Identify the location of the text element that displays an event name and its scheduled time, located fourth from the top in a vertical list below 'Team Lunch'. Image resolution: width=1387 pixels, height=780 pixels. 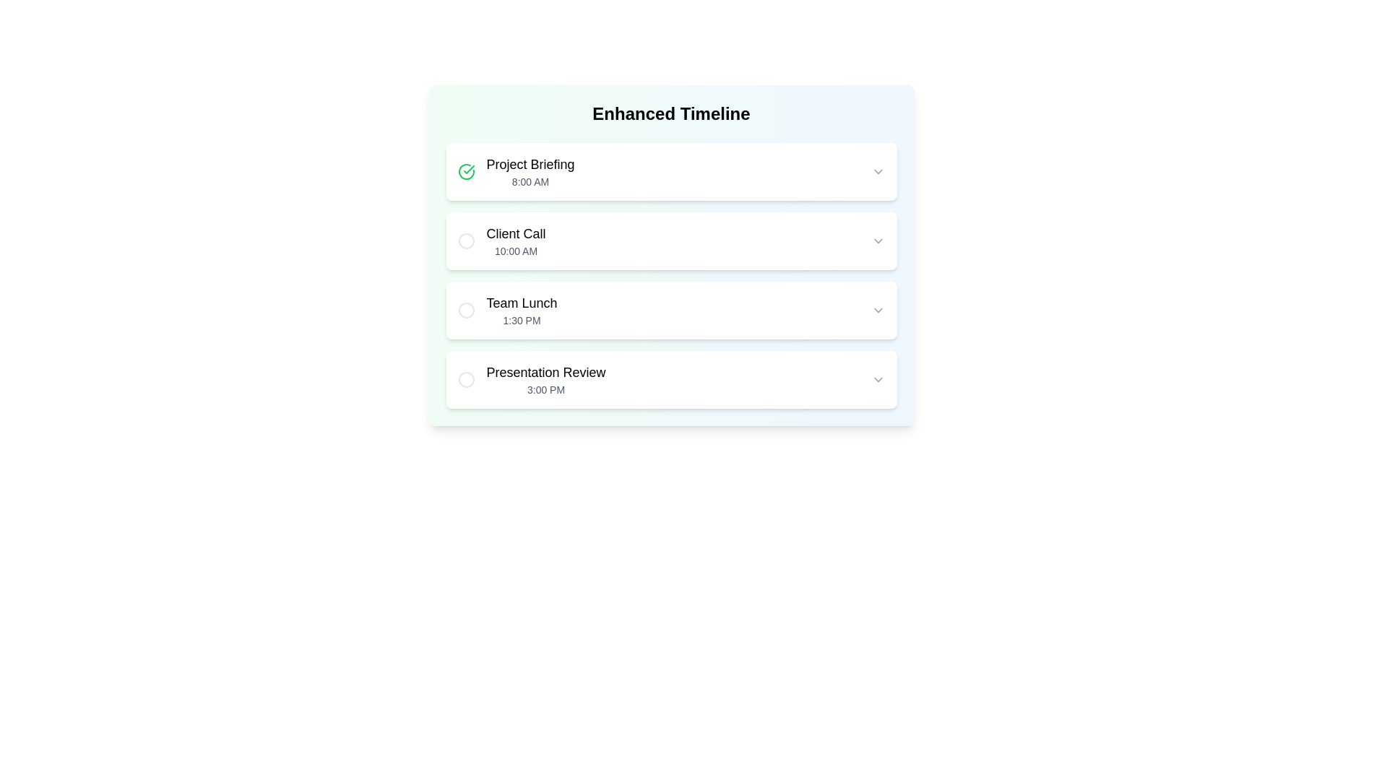
(545, 378).